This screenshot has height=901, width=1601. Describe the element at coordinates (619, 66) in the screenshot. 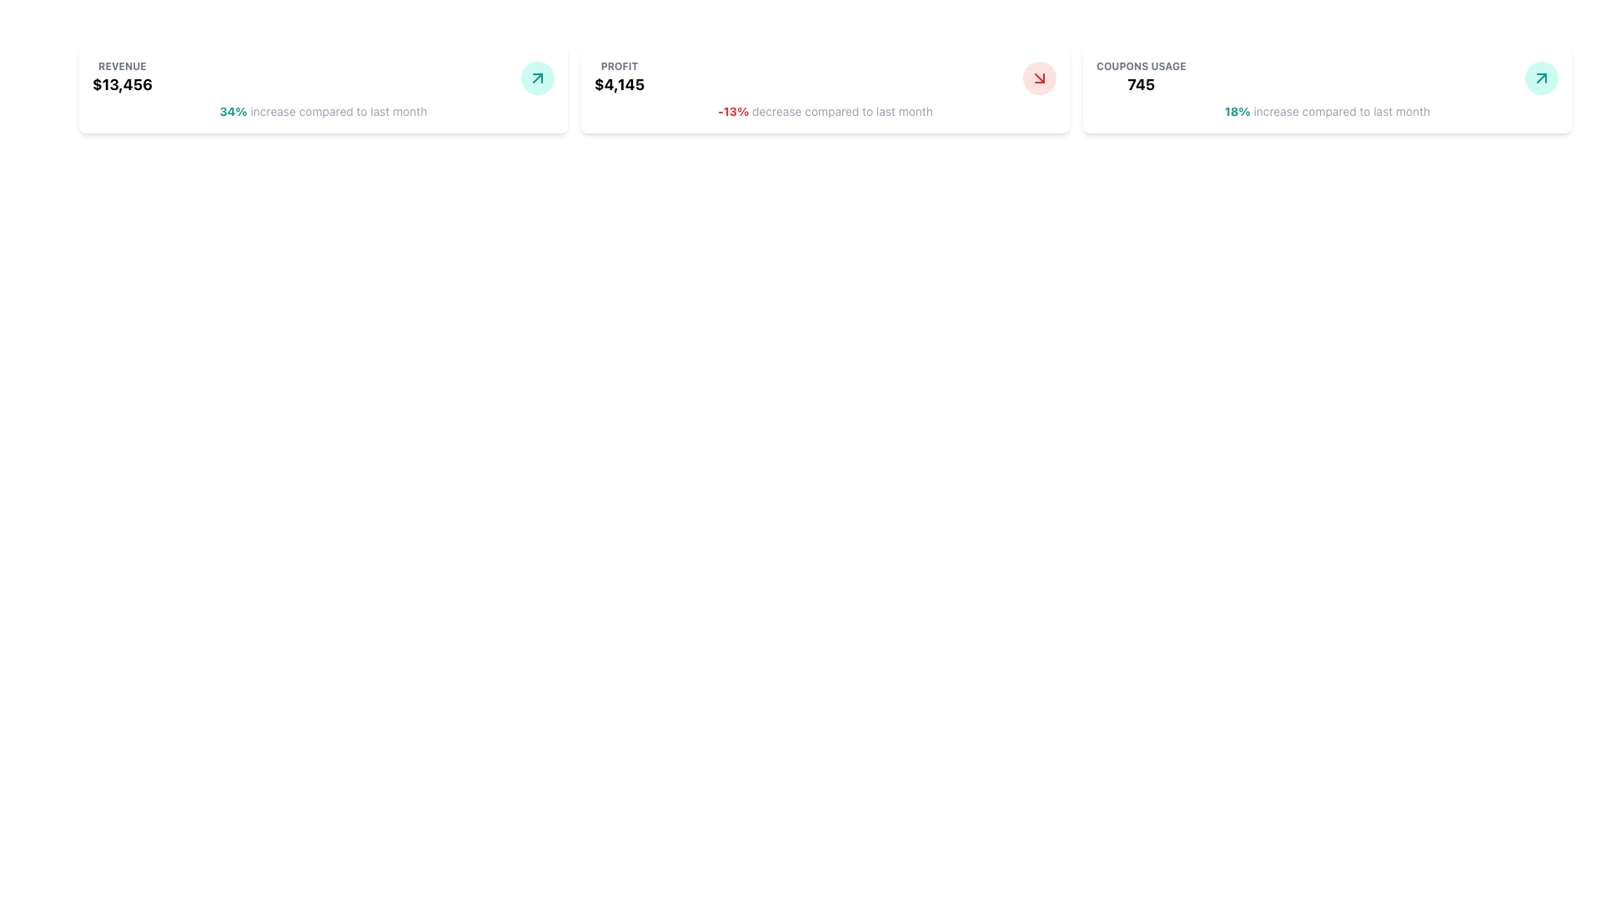

I see `text from the Label element displaying 'PROFIT' in uppercase, gray color, and bold typeface, positioned at the top of the 'Profit' card` at that location.